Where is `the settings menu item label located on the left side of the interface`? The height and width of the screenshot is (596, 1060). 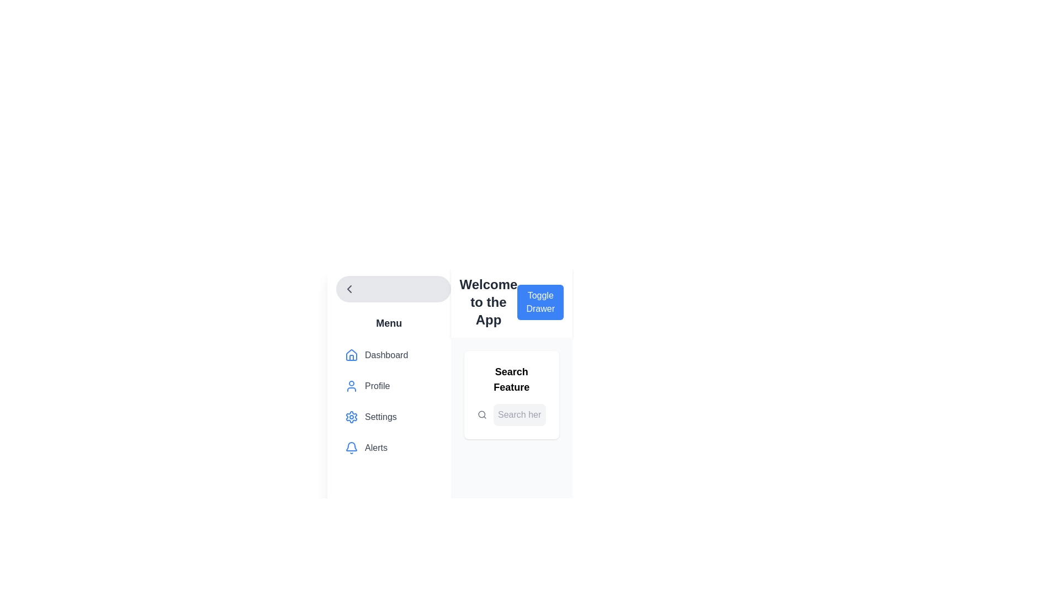
the settings menu item label located on the left side of the interface is located at coordinates (380, 417).